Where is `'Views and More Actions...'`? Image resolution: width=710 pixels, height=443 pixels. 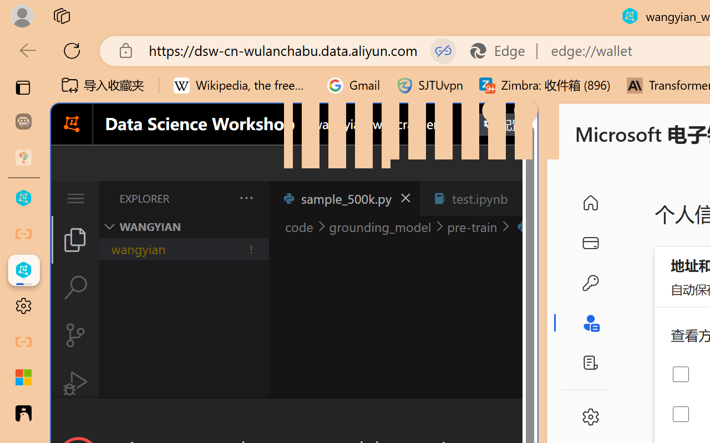
'Views and More Actions...' is located at coordinates (245, 198).